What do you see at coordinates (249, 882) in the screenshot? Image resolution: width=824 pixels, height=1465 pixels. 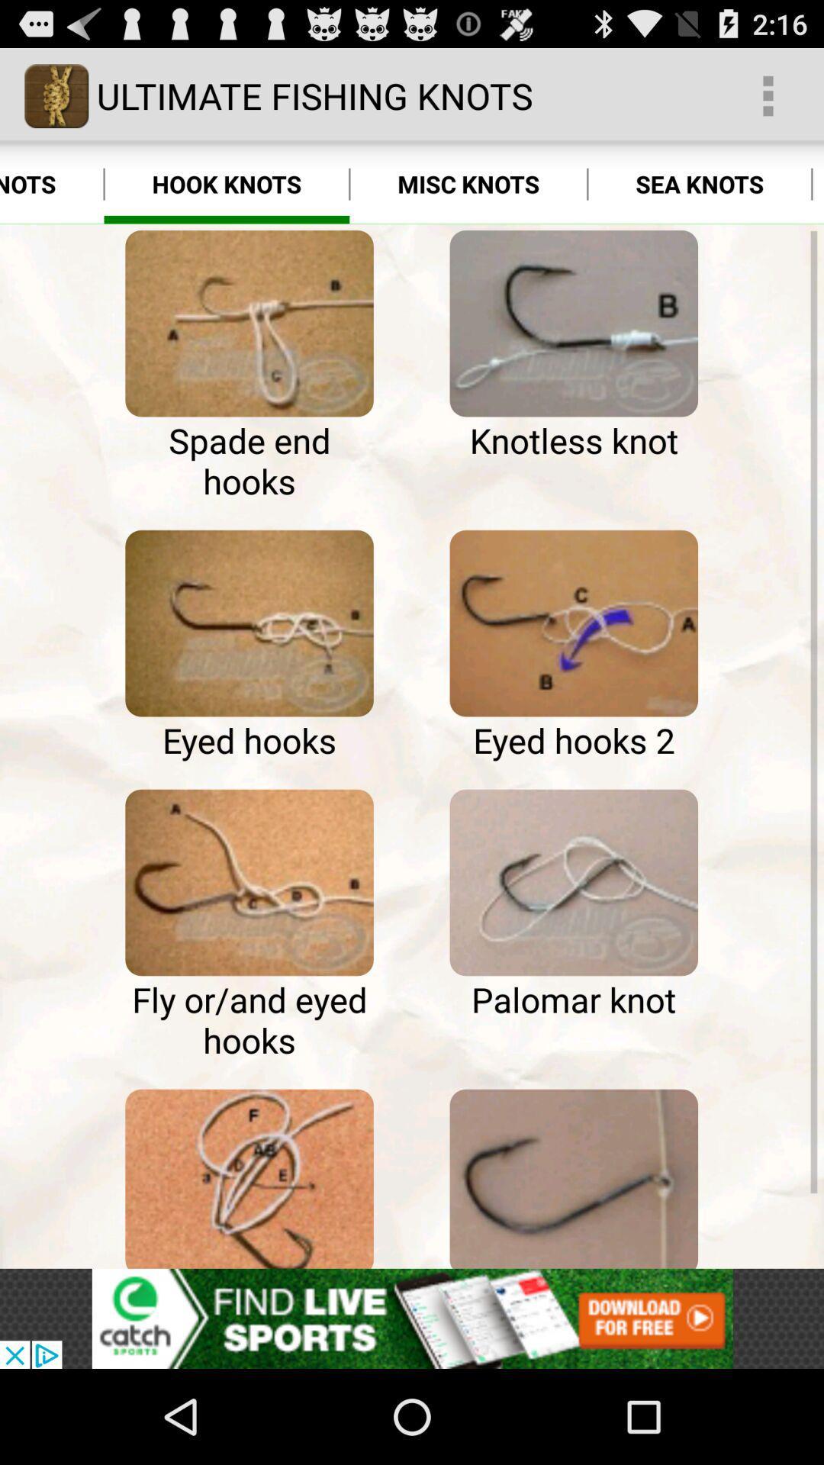 I see `picture page` at bounding box center [249, 882].